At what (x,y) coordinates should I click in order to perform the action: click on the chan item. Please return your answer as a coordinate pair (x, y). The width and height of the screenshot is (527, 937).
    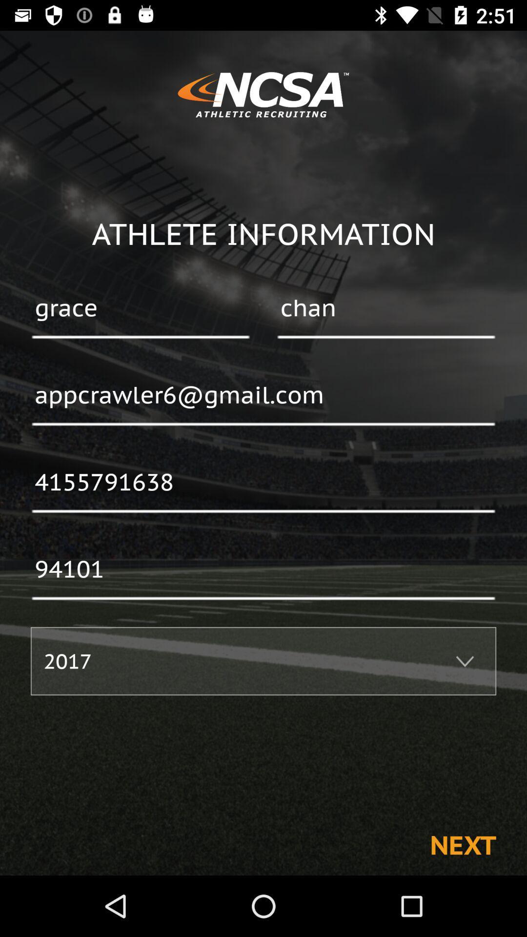
    Looking at the image, I should click on (385, 308).